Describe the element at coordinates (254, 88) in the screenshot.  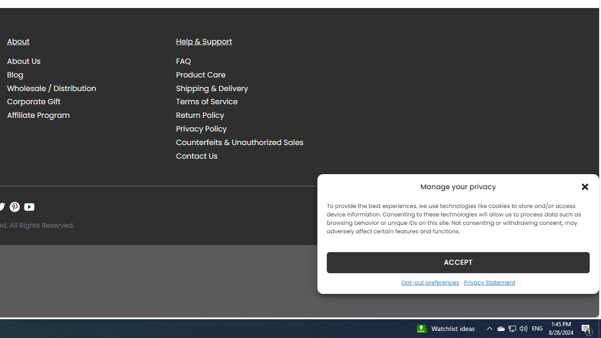
I see `'Shipping & Delivery'` at that location.